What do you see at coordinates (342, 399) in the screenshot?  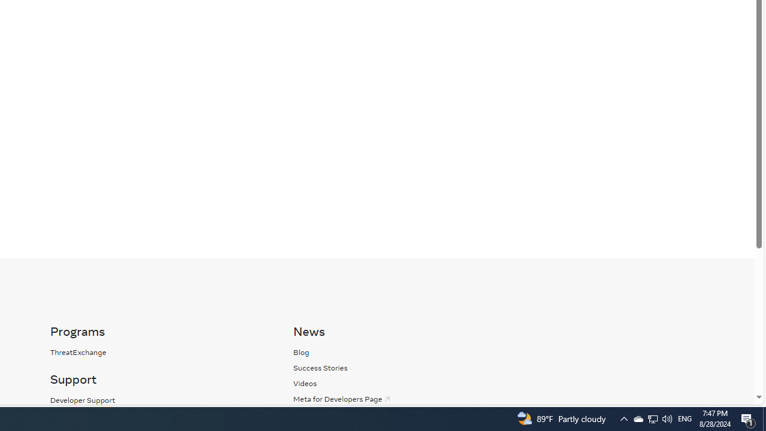 I see `'Meta for Developers Page'` at bounding box center [342, 399].